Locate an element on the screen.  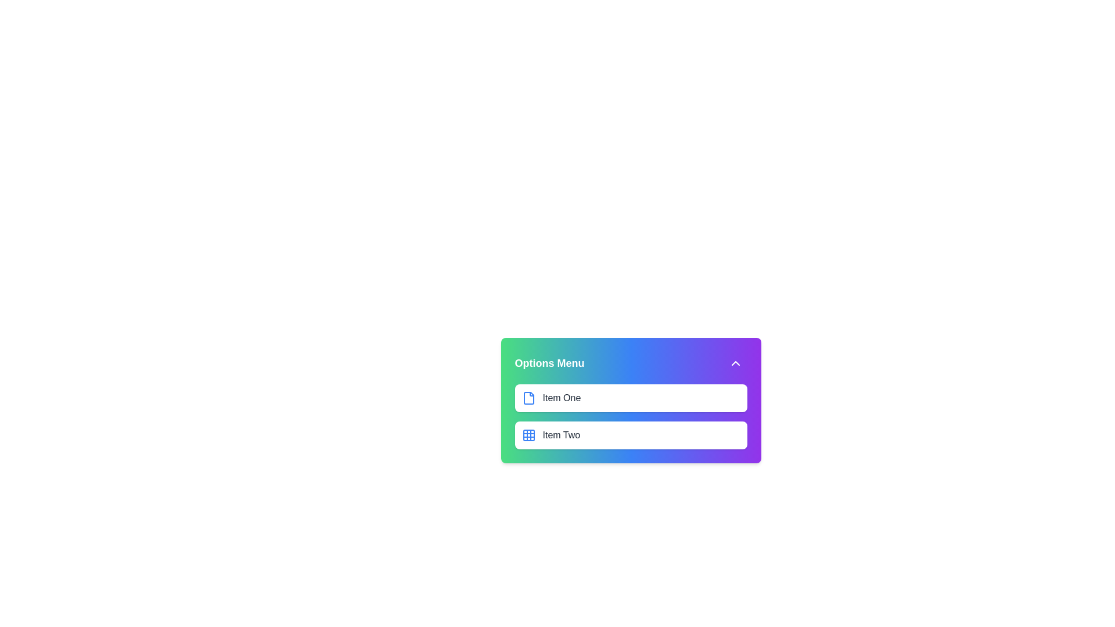
the 'Item Two' option in the menu, which is the second item in a vertically stacked list below 'Item One' is located at coordinates (630, 435).